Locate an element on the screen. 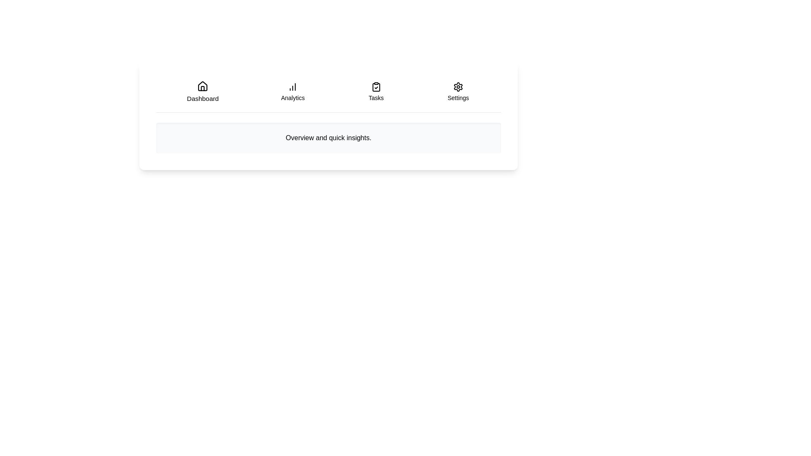 The width and height of the screenshot is (811, 456). the 'Dashboard' text label in the top menu section is located at coordinates (202, 98).